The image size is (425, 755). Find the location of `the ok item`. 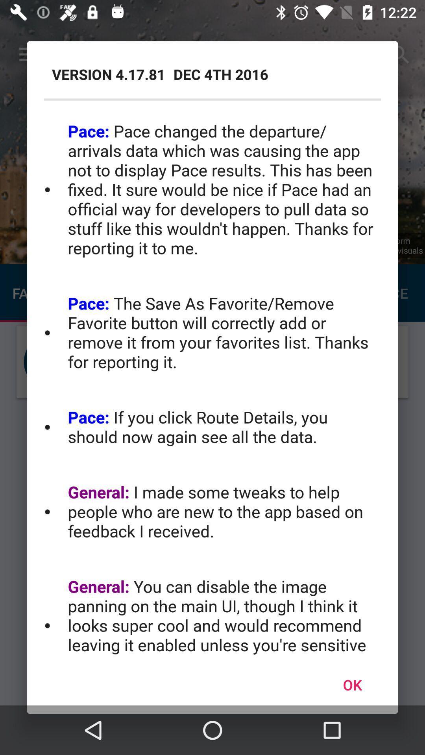

the ok item is located at coordinates (352, 684).